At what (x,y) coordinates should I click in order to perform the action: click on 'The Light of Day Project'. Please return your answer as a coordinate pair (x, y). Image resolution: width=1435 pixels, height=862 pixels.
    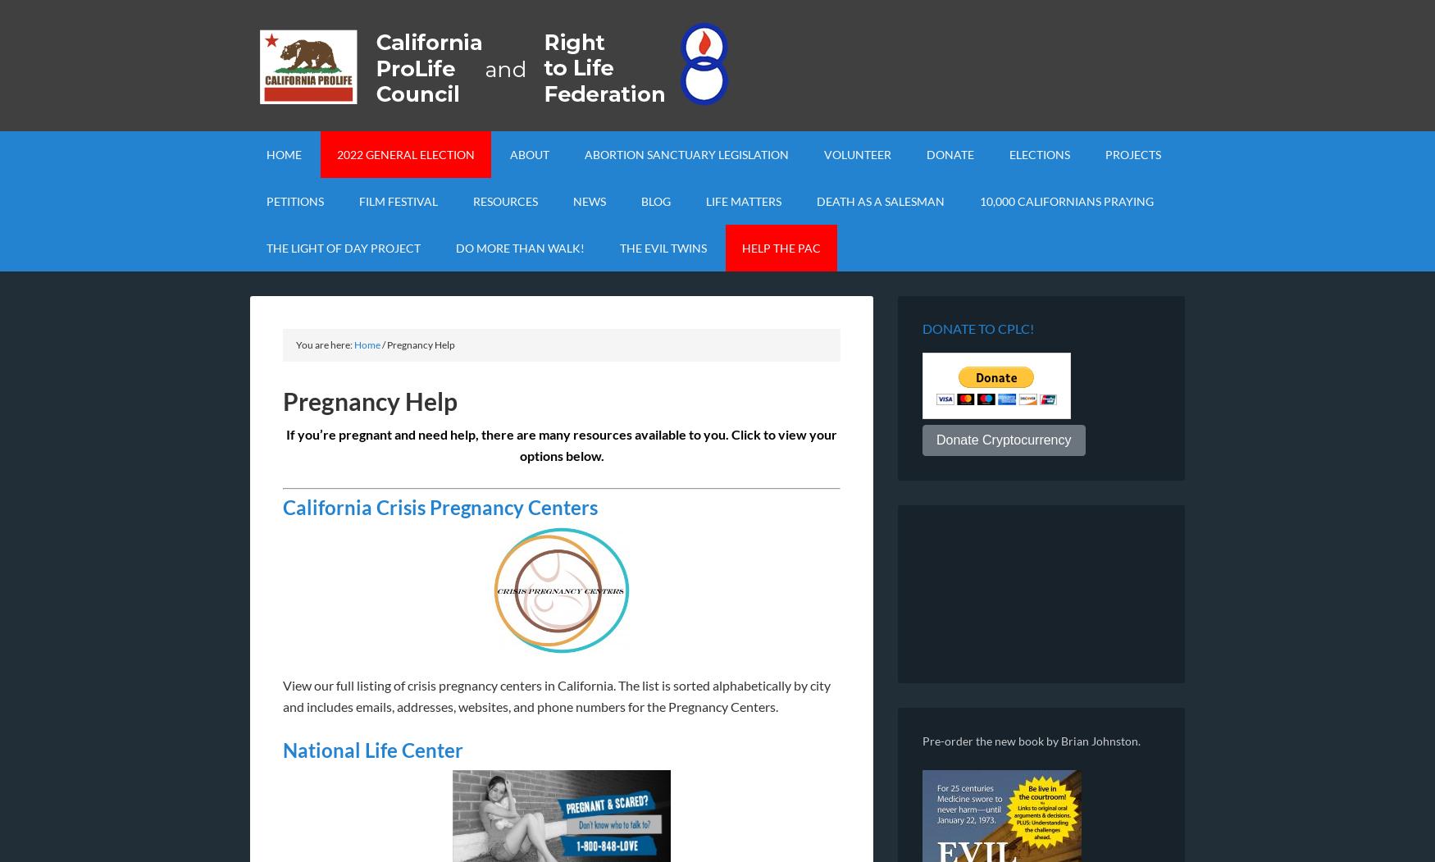
    Looking at the image, I should click on (342, 247).